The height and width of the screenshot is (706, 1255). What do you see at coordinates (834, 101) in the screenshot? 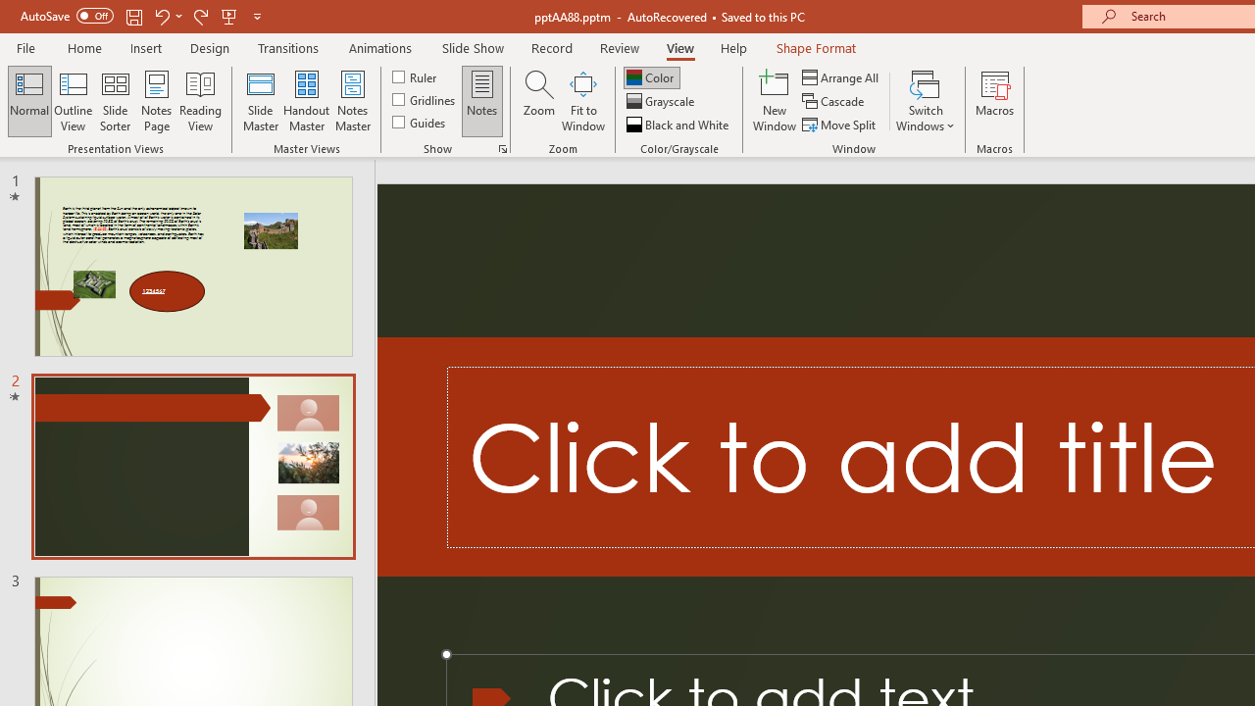
I see `'Cascade'` at bounding box center [834, 101].